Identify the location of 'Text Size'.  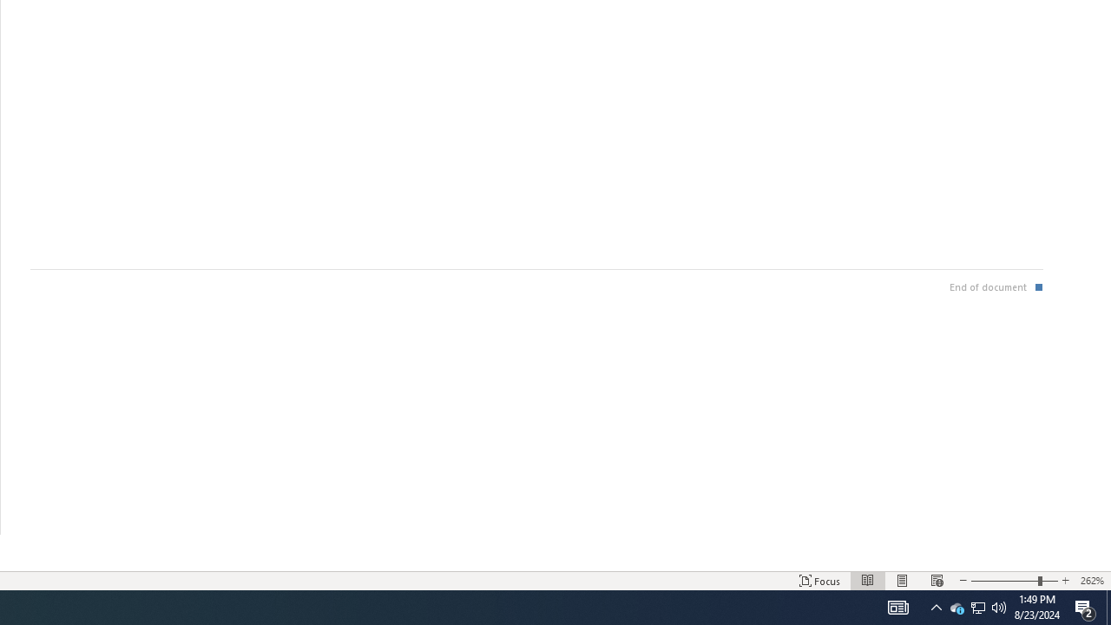
(1014, 581).